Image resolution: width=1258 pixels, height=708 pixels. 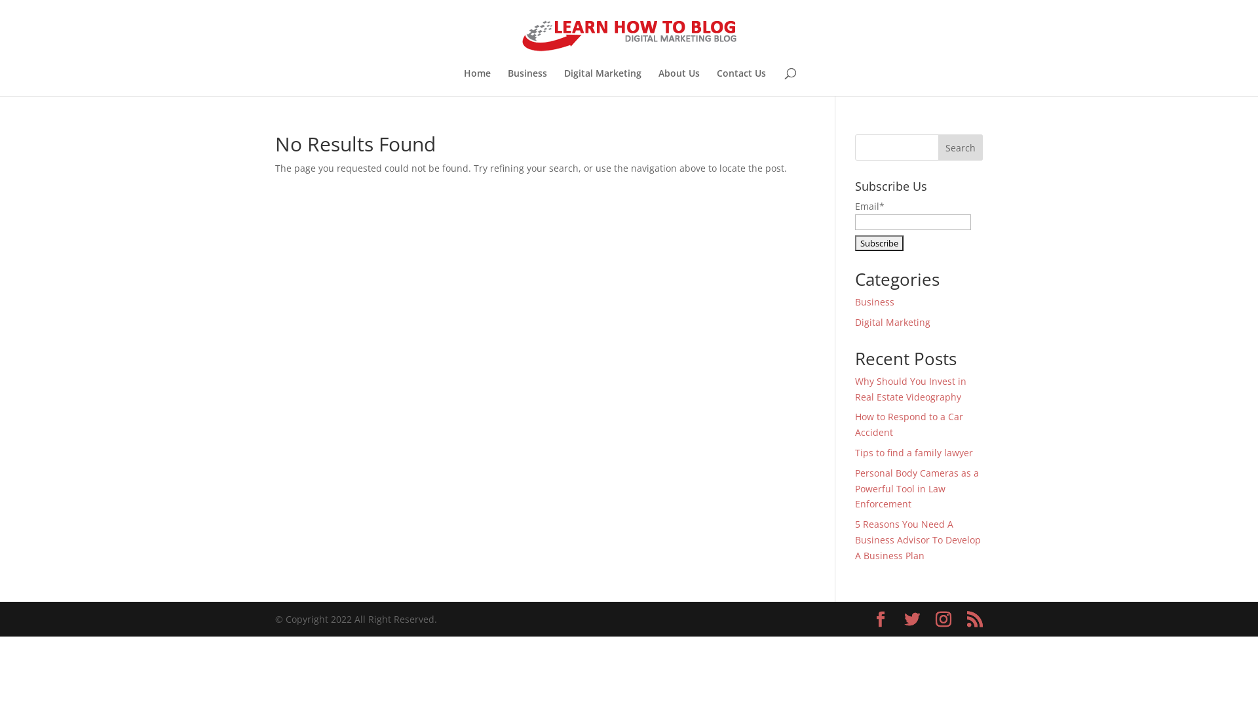 I want to click on 'Home', so click(x=476, y=83).